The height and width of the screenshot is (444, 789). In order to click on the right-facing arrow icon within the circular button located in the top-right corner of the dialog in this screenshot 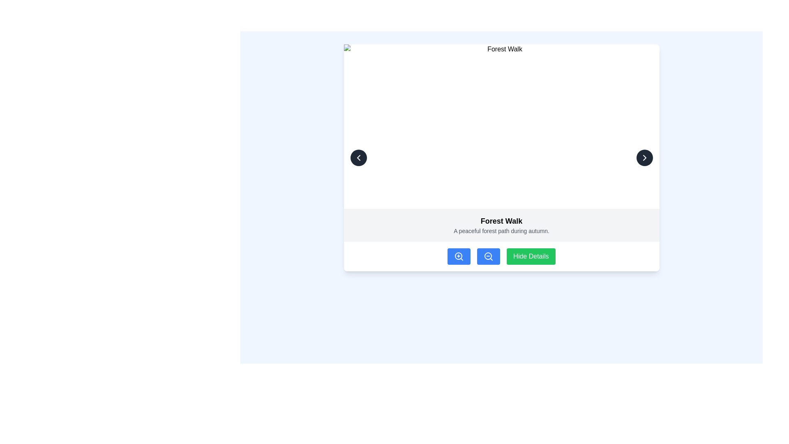, I will do `click(644, 158)`.